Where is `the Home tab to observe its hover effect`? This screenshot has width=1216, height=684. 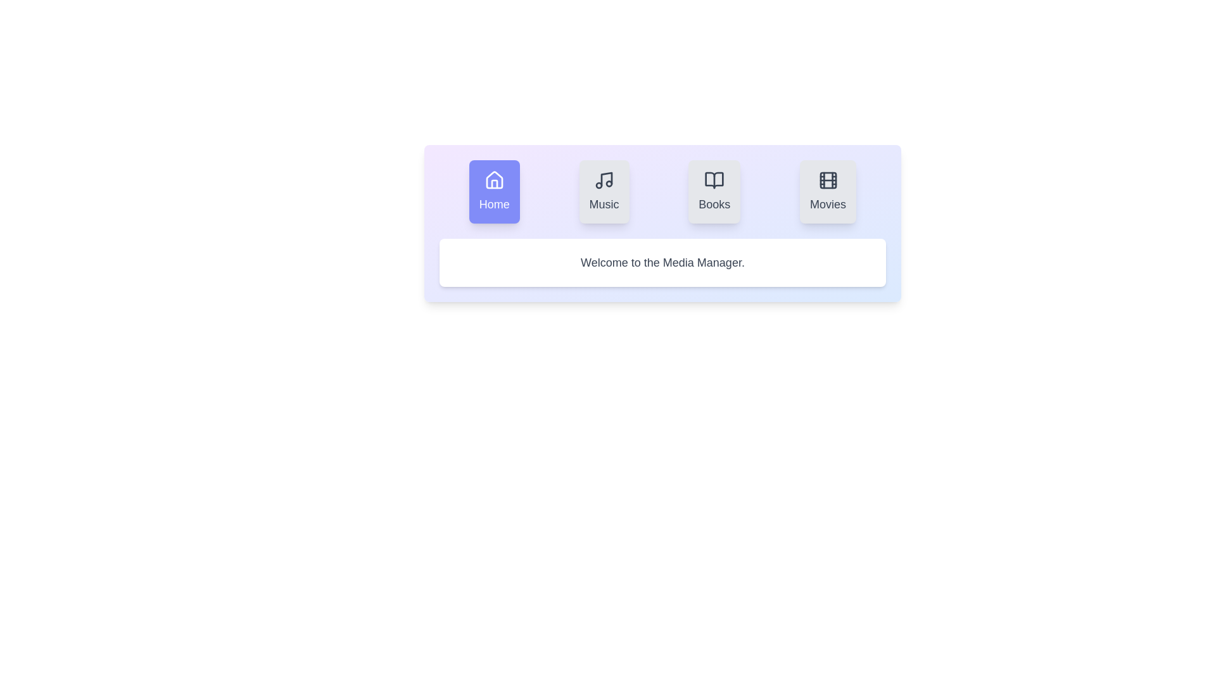
the Home tab to observe its hover effect is located at coordinates (493, 192).